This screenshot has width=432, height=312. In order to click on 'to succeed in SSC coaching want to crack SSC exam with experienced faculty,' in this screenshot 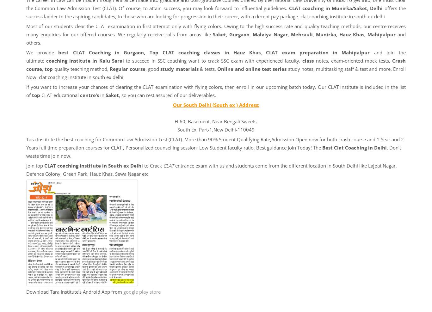, I will do `click(213, 60)`.